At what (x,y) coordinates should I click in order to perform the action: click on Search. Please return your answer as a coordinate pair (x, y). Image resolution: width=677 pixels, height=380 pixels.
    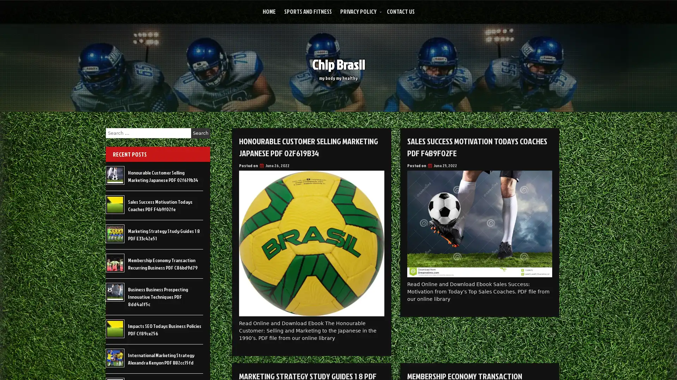
    Looking at the image, I should click on (200, 133).